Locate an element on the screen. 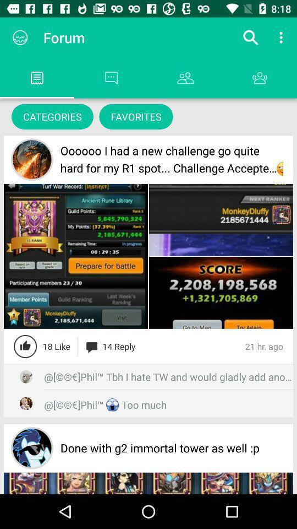 This screenshot has width=297, height=529. the favorites is located at coordinates (136, 116).